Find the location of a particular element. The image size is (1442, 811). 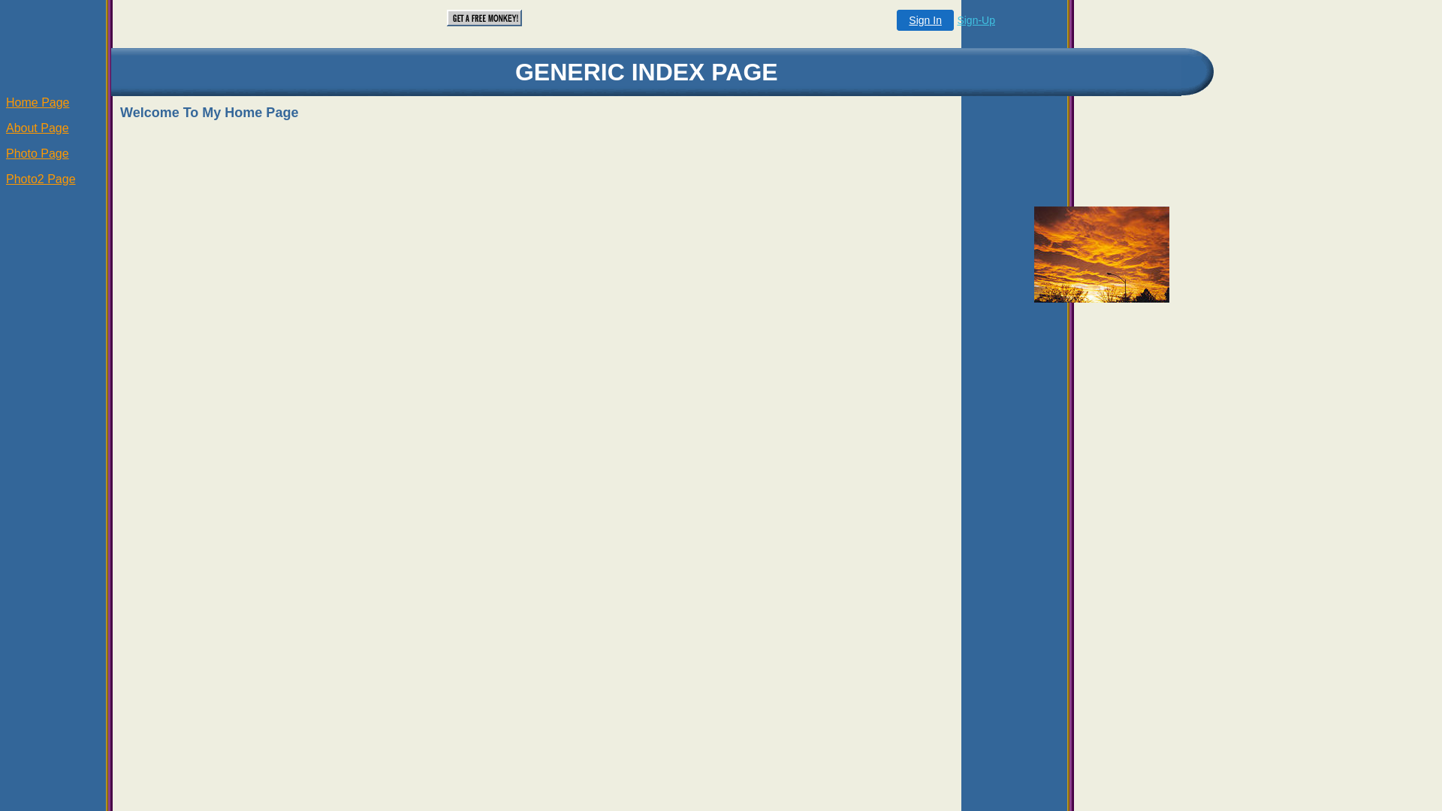

'Photo Page' is located at coordinates (37, 153).